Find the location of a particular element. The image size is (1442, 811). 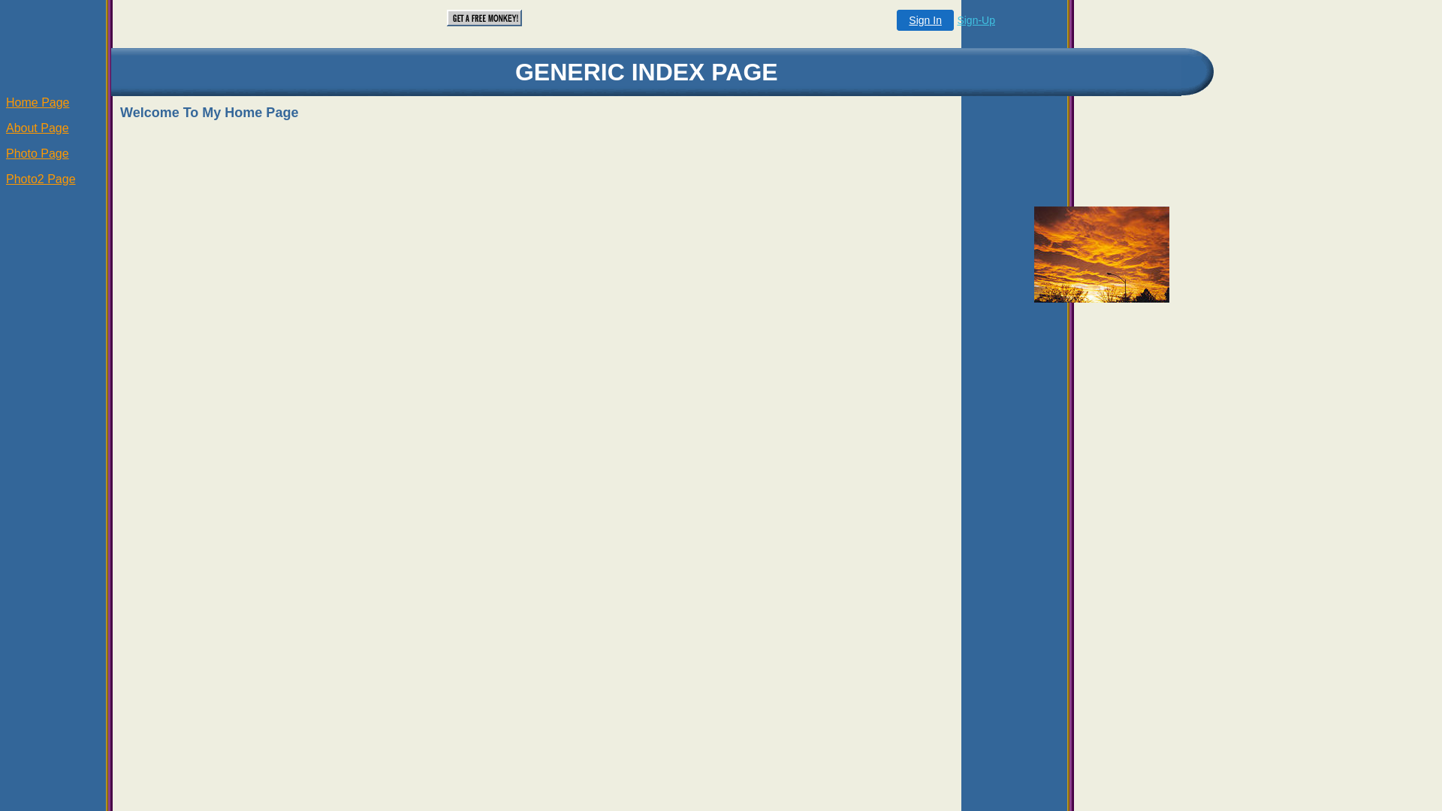

'Photo Page' is located at coordinates (37, 153).